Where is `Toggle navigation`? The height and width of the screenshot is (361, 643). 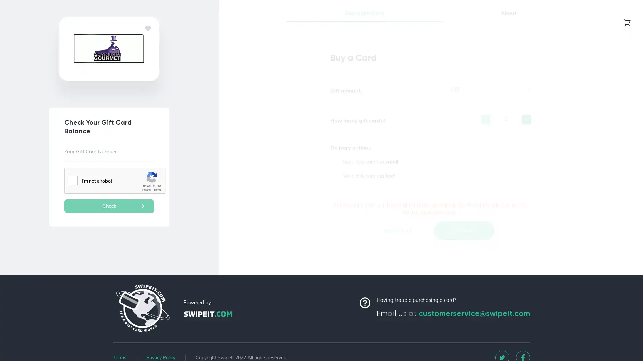 Toggle navigation is located at coordinates (627, 22).